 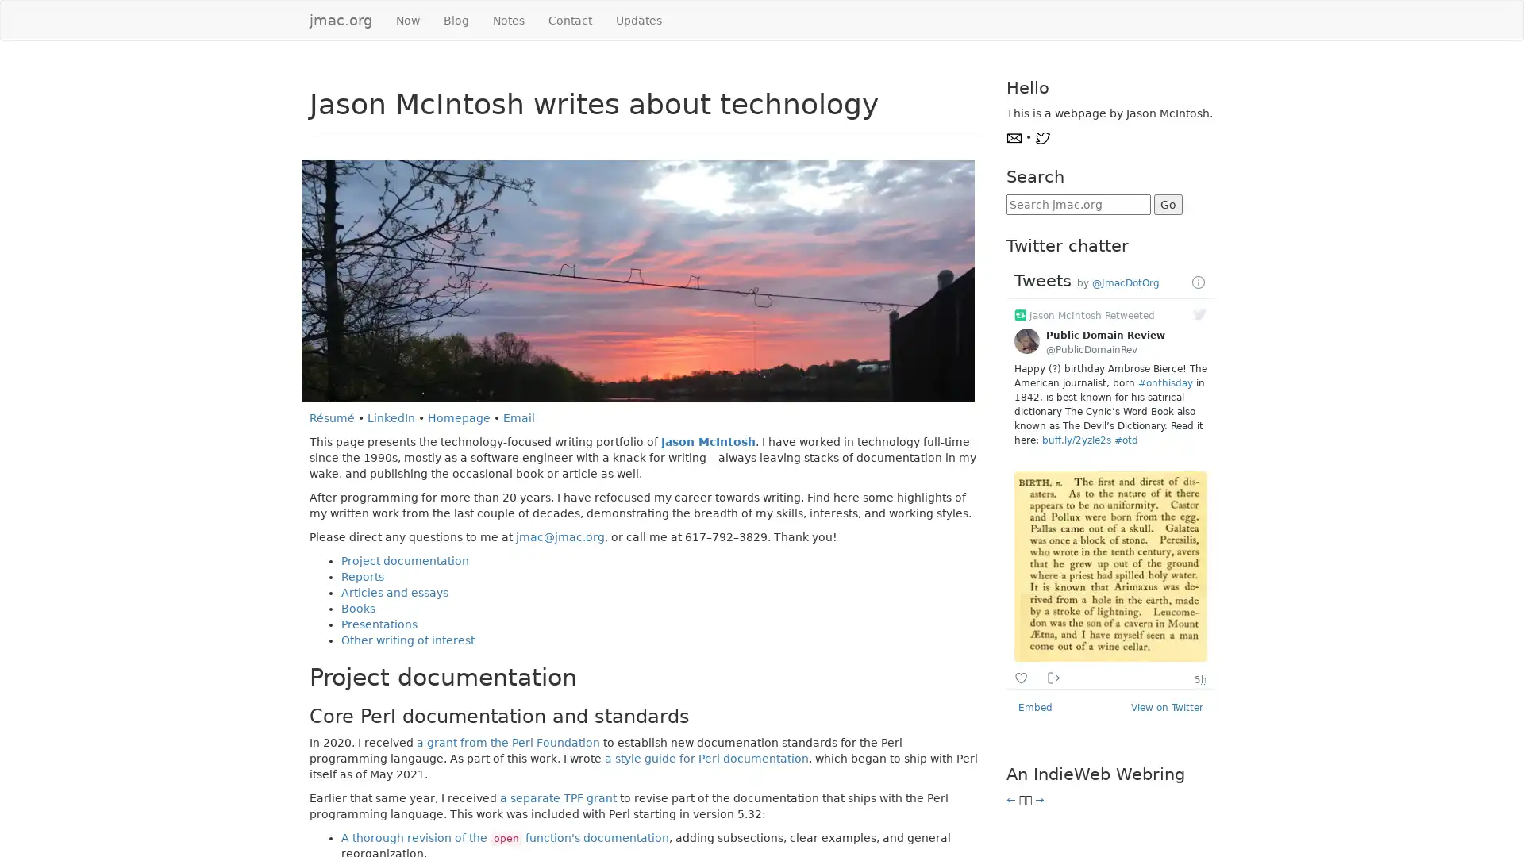 I want to click on Go, so click(x=1167, y=204).